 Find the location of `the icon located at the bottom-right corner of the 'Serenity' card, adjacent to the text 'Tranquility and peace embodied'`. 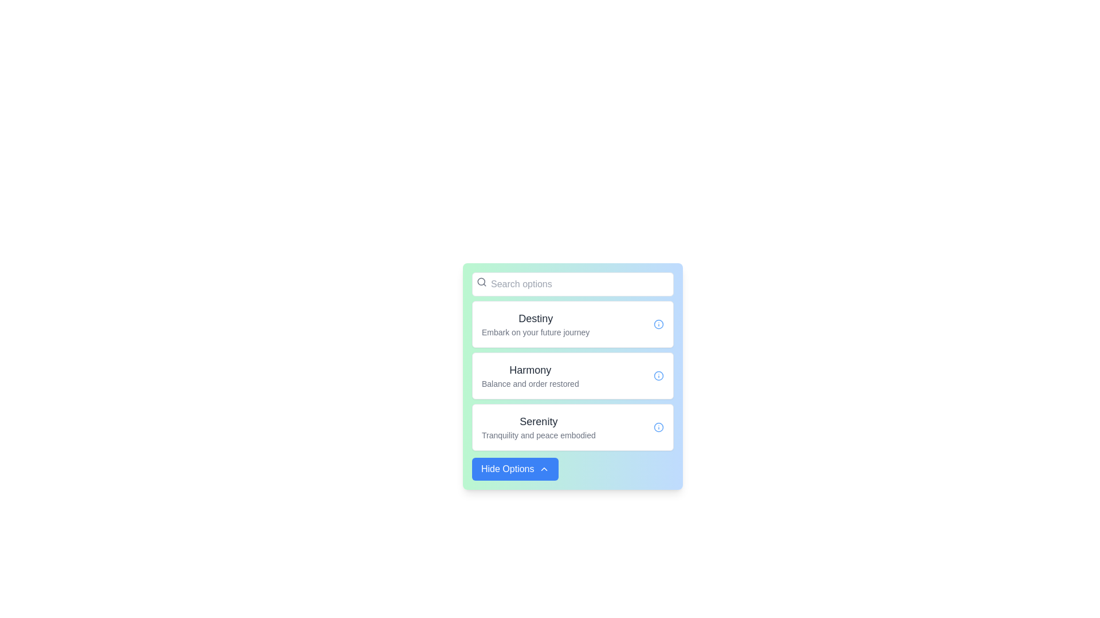

the icon located at the bottom-right corner of the 'Serenity' card, adjacent to the text 'Tranquility and peace embodied' is located at coordinates (659, 427).